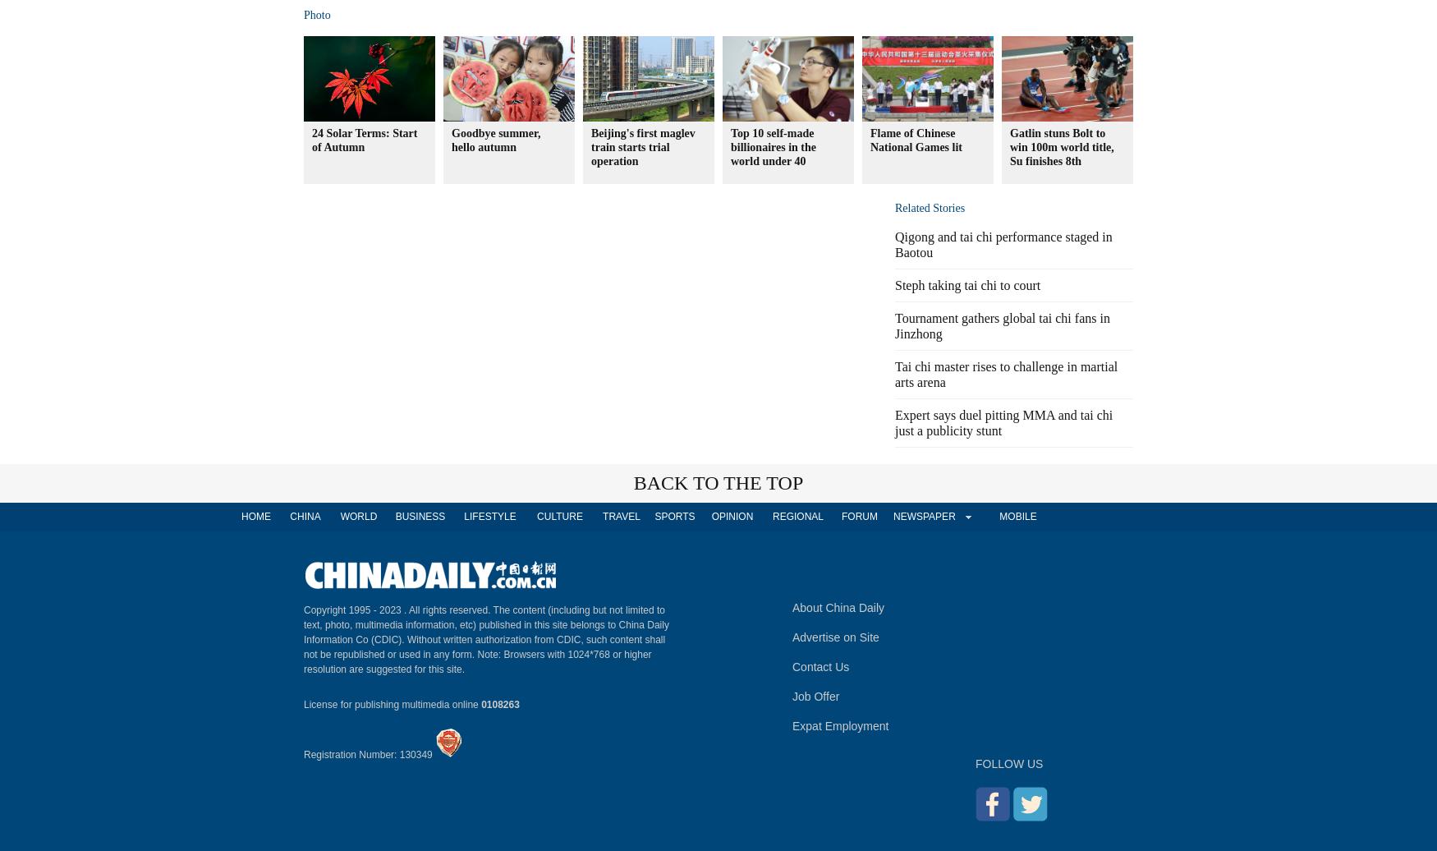 This screenshot has height=851, width=1437. I want to click on 'Expert says duel pitting MMA and tai chi just a publicity stunt', so click(1003, 422).